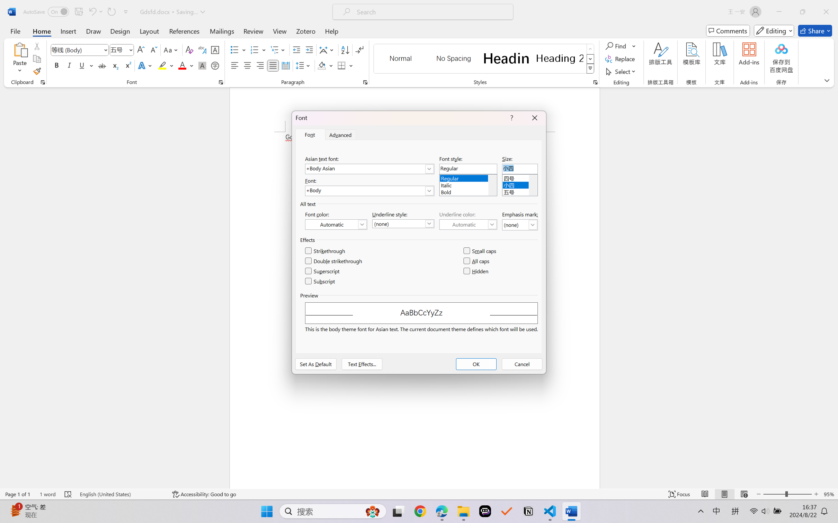 This screenshot has width=838, height=523. Describe the element at coordinates (519, 169) in the screenshot. I see `'Size:'` at that location.